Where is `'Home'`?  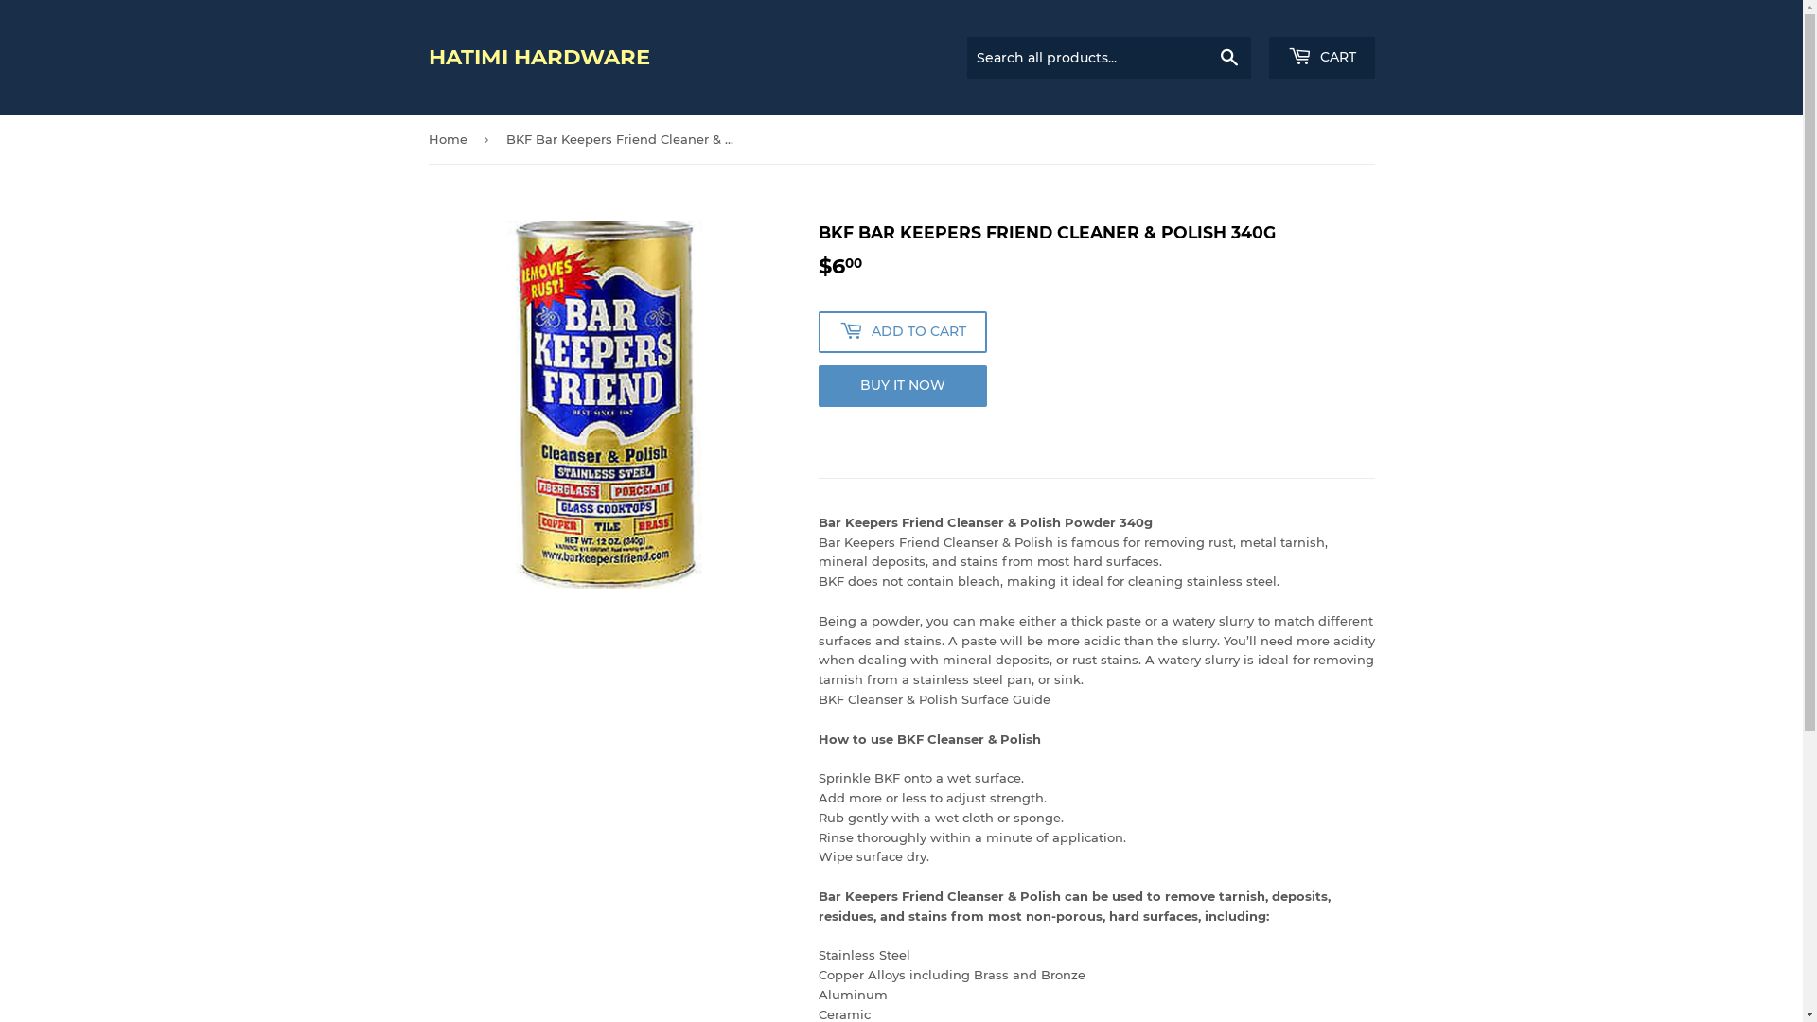
'Home' is located at coordinates (426, 138).